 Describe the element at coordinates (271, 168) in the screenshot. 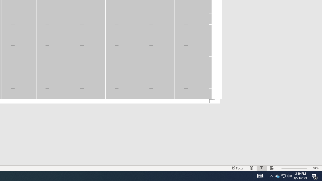

I see `'Web Layout'` at that location.